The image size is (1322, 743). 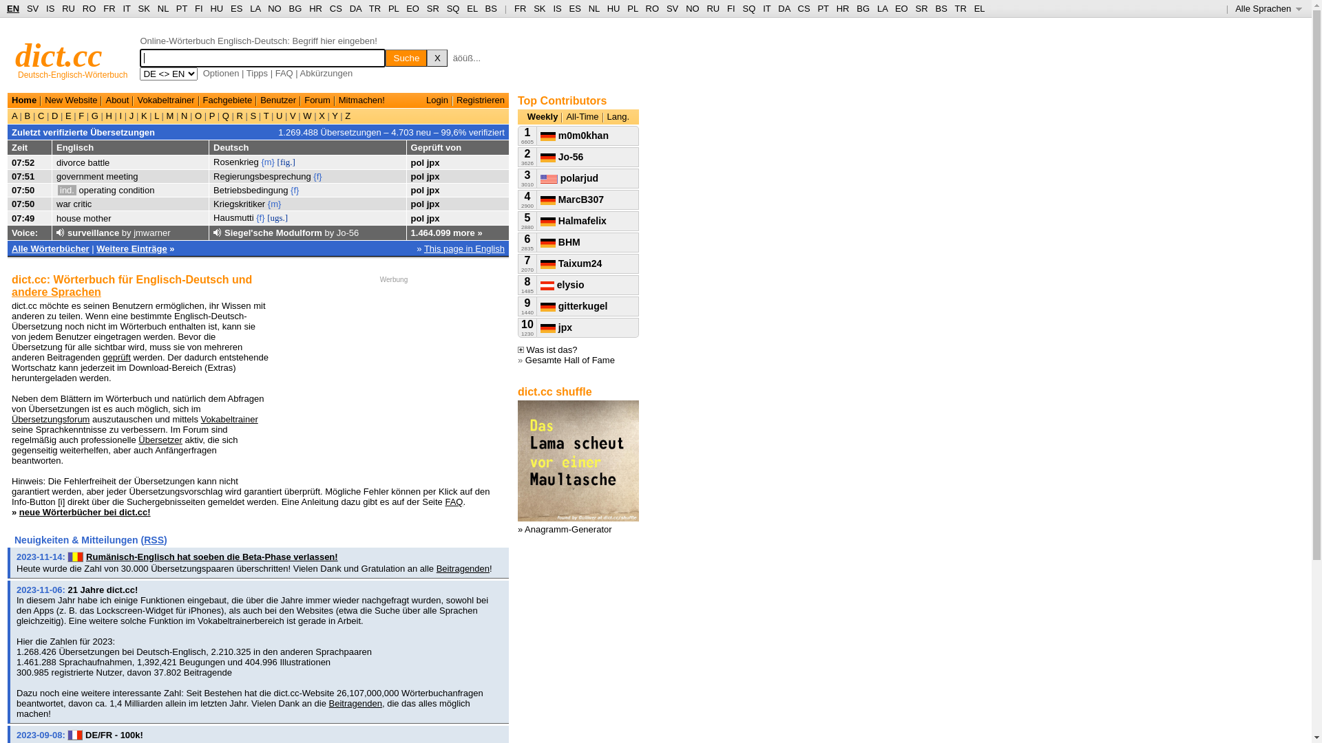 What do you see at coordinates (26, 8) in the screenshot?
I see `'SV'` at bounding box center [26, 8].